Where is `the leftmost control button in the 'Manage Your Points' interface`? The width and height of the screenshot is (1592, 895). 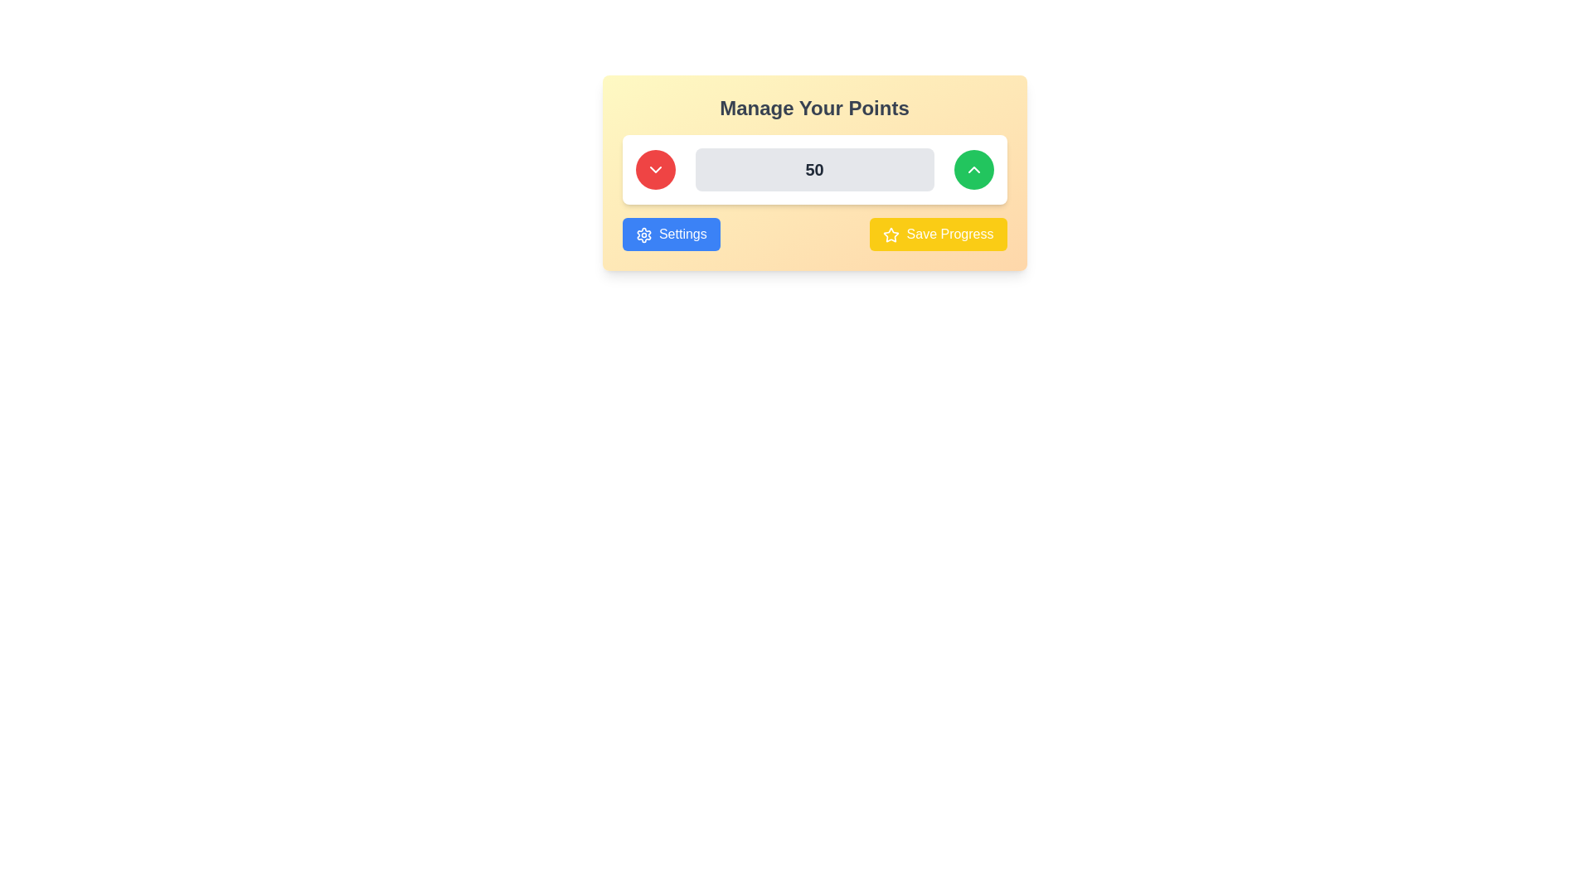 the leftmost control button in the 'Manage Your Points' interface is located at coordinates (654, 169).